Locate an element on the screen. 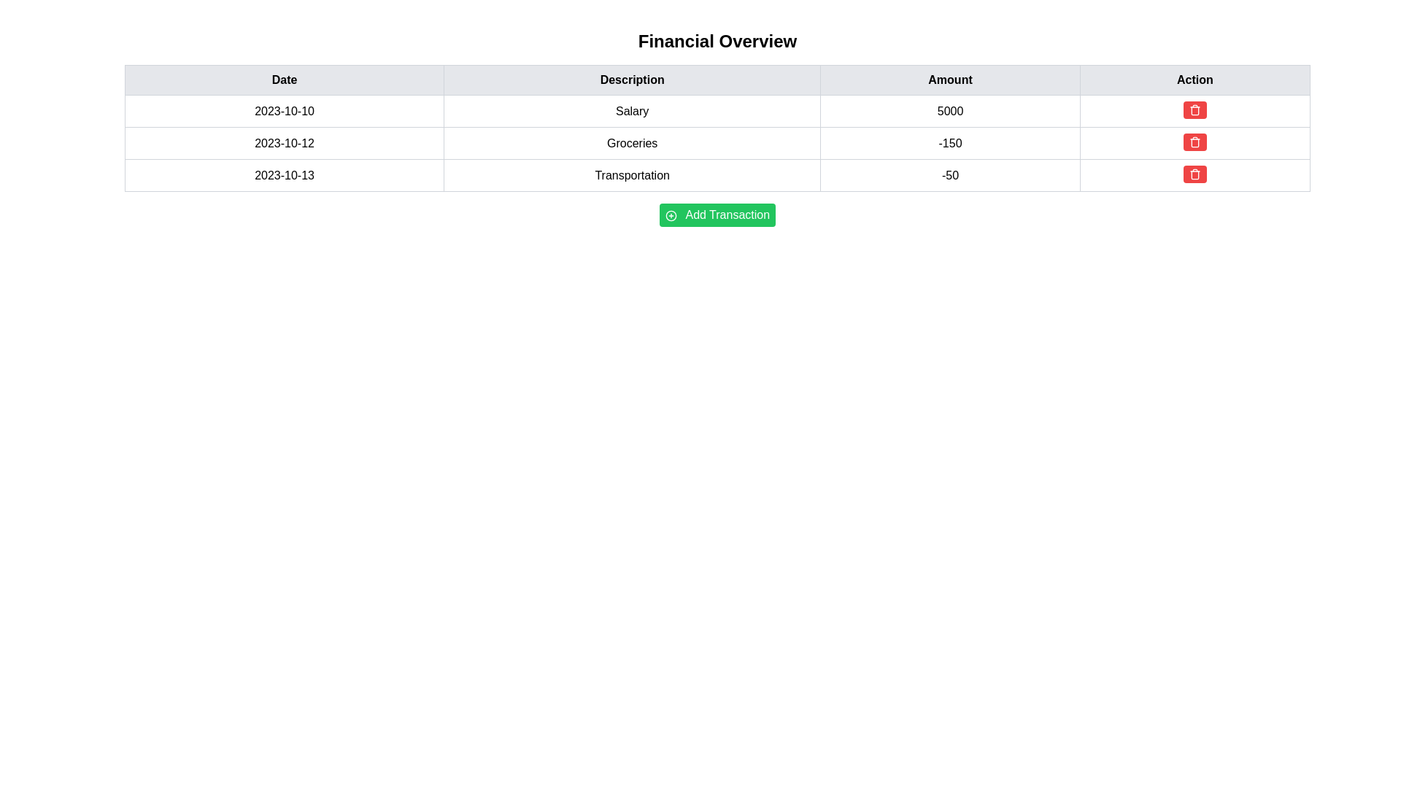 This screenshot has width=1401, height=788. the Text Display Field that shows the description of the transaction dated '2023-10-12' with an amount of '-150', located in the second column of the second row in the table is located at coordinates (632, 143).